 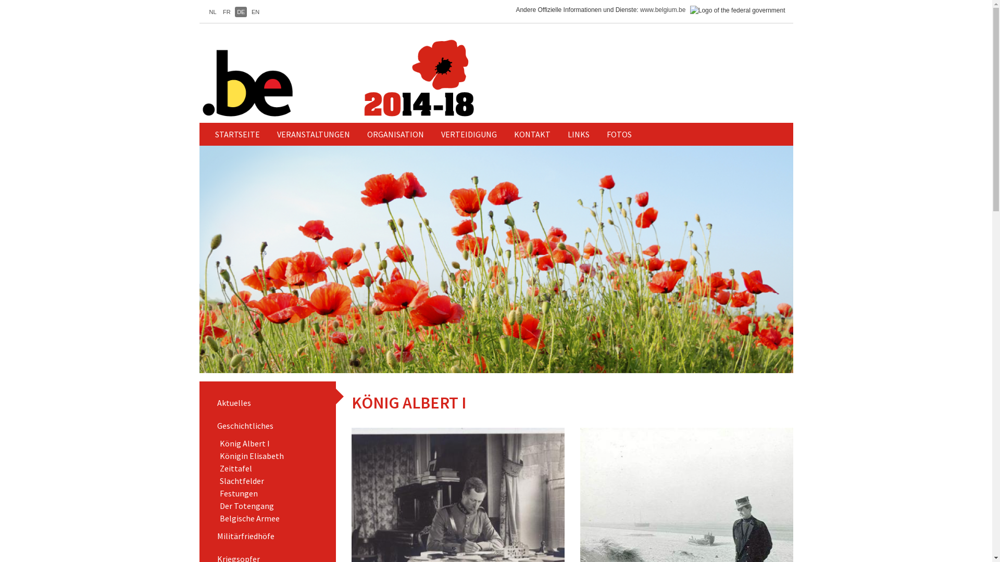 I want to click on 'Der Totengang', so click(x=246, y=505).